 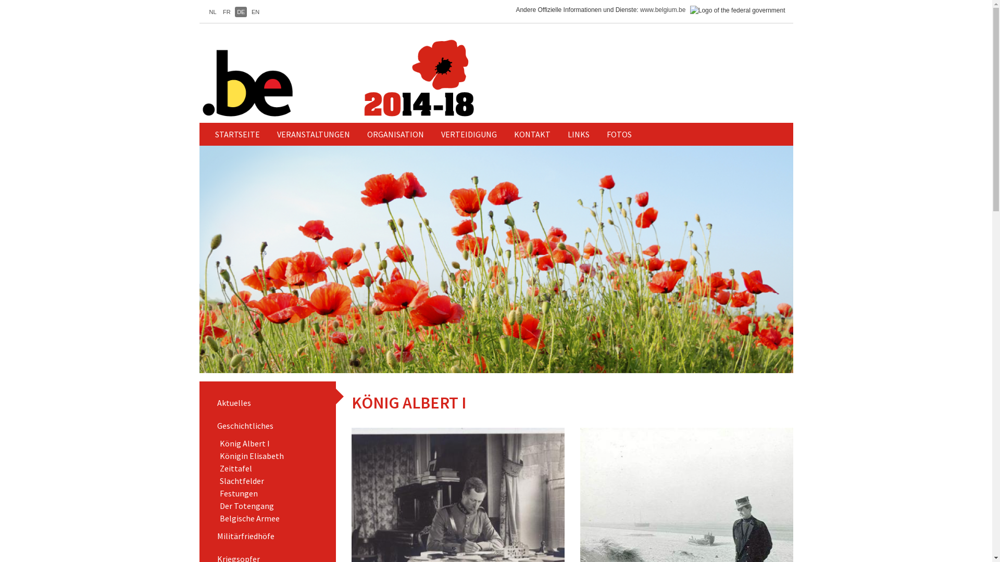 I want to click on 'Der Totengang', so click(x=246, y=505).